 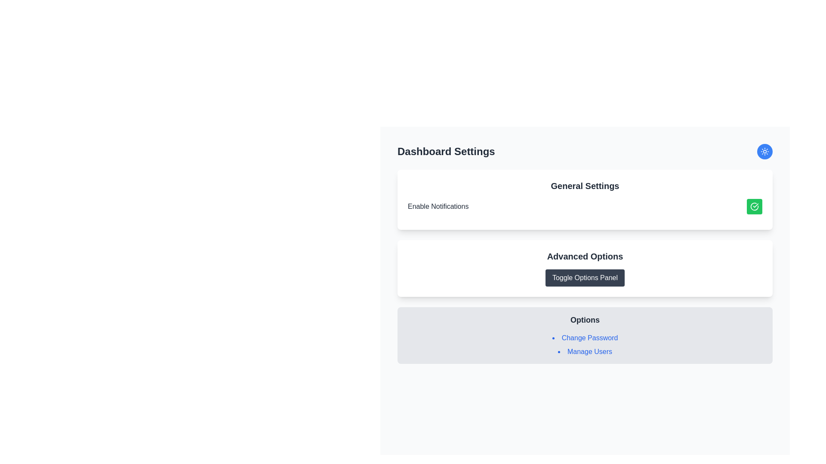 I want to click on the button located at the far right end of the header bar, so click(x=764, y=151).